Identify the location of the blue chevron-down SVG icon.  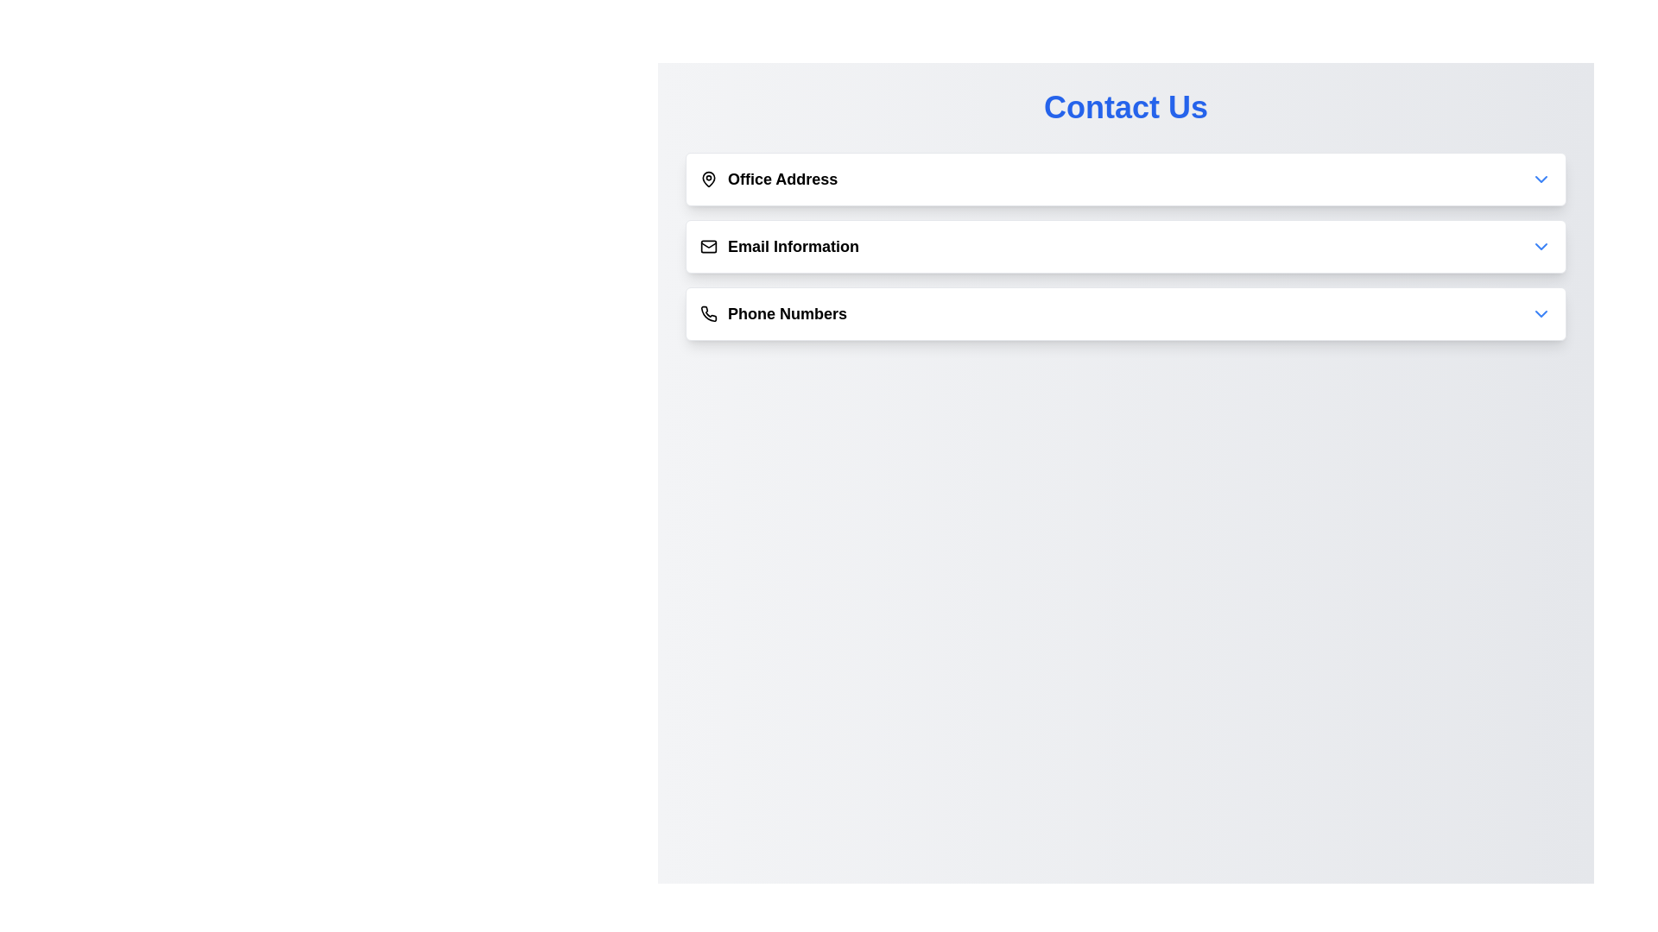
(1541, 246).